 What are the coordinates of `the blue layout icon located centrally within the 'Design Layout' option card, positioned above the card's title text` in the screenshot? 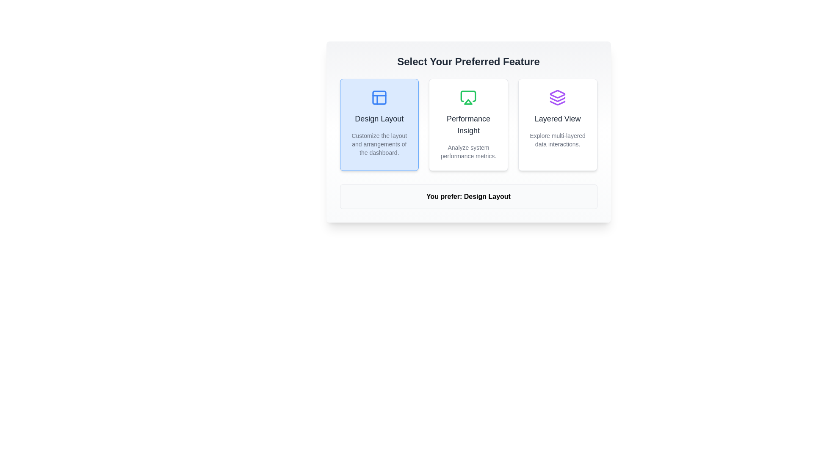 It's located at (379, 97).